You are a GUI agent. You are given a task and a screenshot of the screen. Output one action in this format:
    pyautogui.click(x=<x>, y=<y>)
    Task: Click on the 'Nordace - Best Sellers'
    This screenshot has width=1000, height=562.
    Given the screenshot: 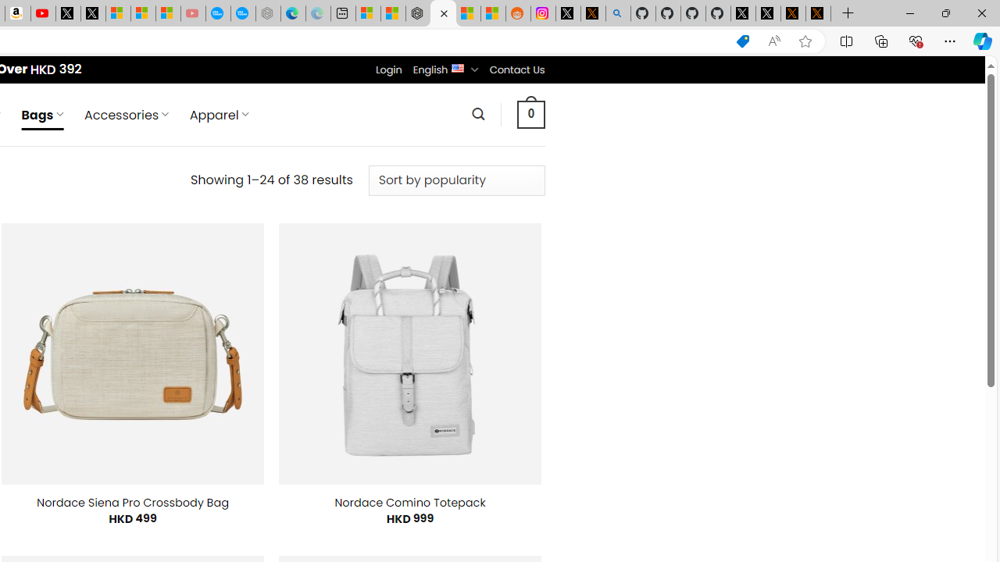 What is the action you would take?
    pyautogui.click(x=418, y=13)
    